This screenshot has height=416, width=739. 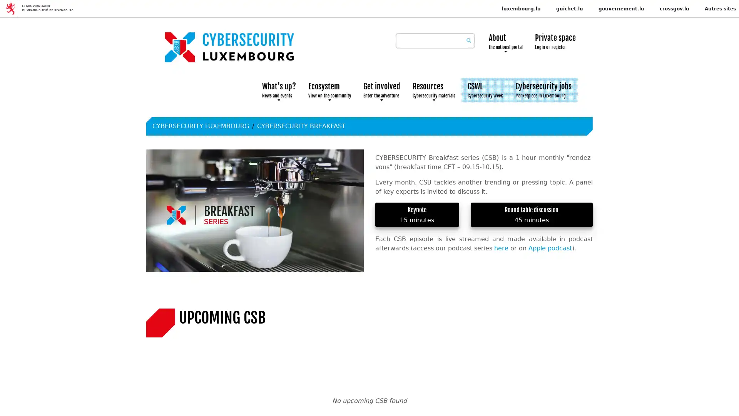 I want to click on Cybersecurity jobs Marketplace in Luxembourg, so click(x=543, y=90).